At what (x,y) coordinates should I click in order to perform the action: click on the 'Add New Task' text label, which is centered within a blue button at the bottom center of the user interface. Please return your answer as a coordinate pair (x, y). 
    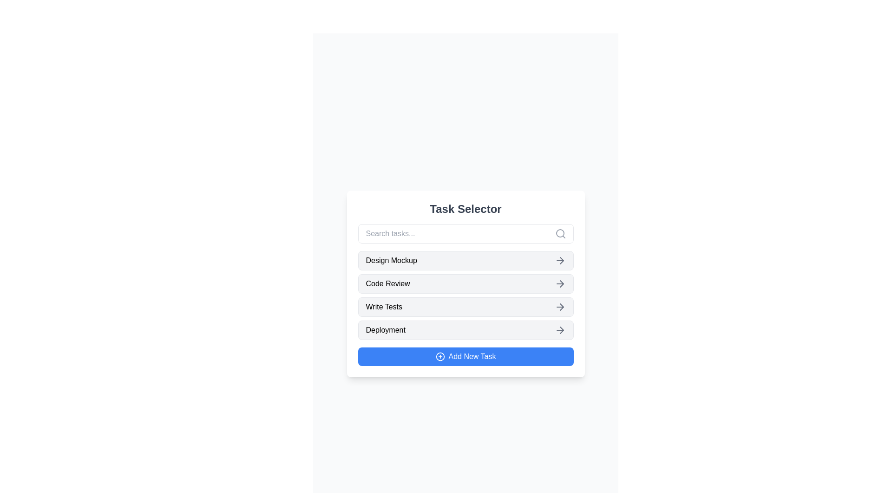
    Looking at the image, I should click on (472, 356).